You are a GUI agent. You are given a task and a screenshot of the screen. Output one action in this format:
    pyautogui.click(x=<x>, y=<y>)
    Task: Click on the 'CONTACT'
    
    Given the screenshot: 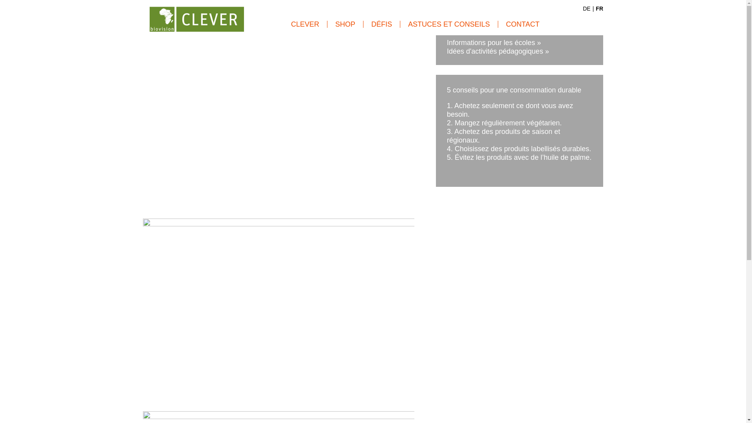 What is the action you would take?
    pyautogui.click(x=498, y=23)
    